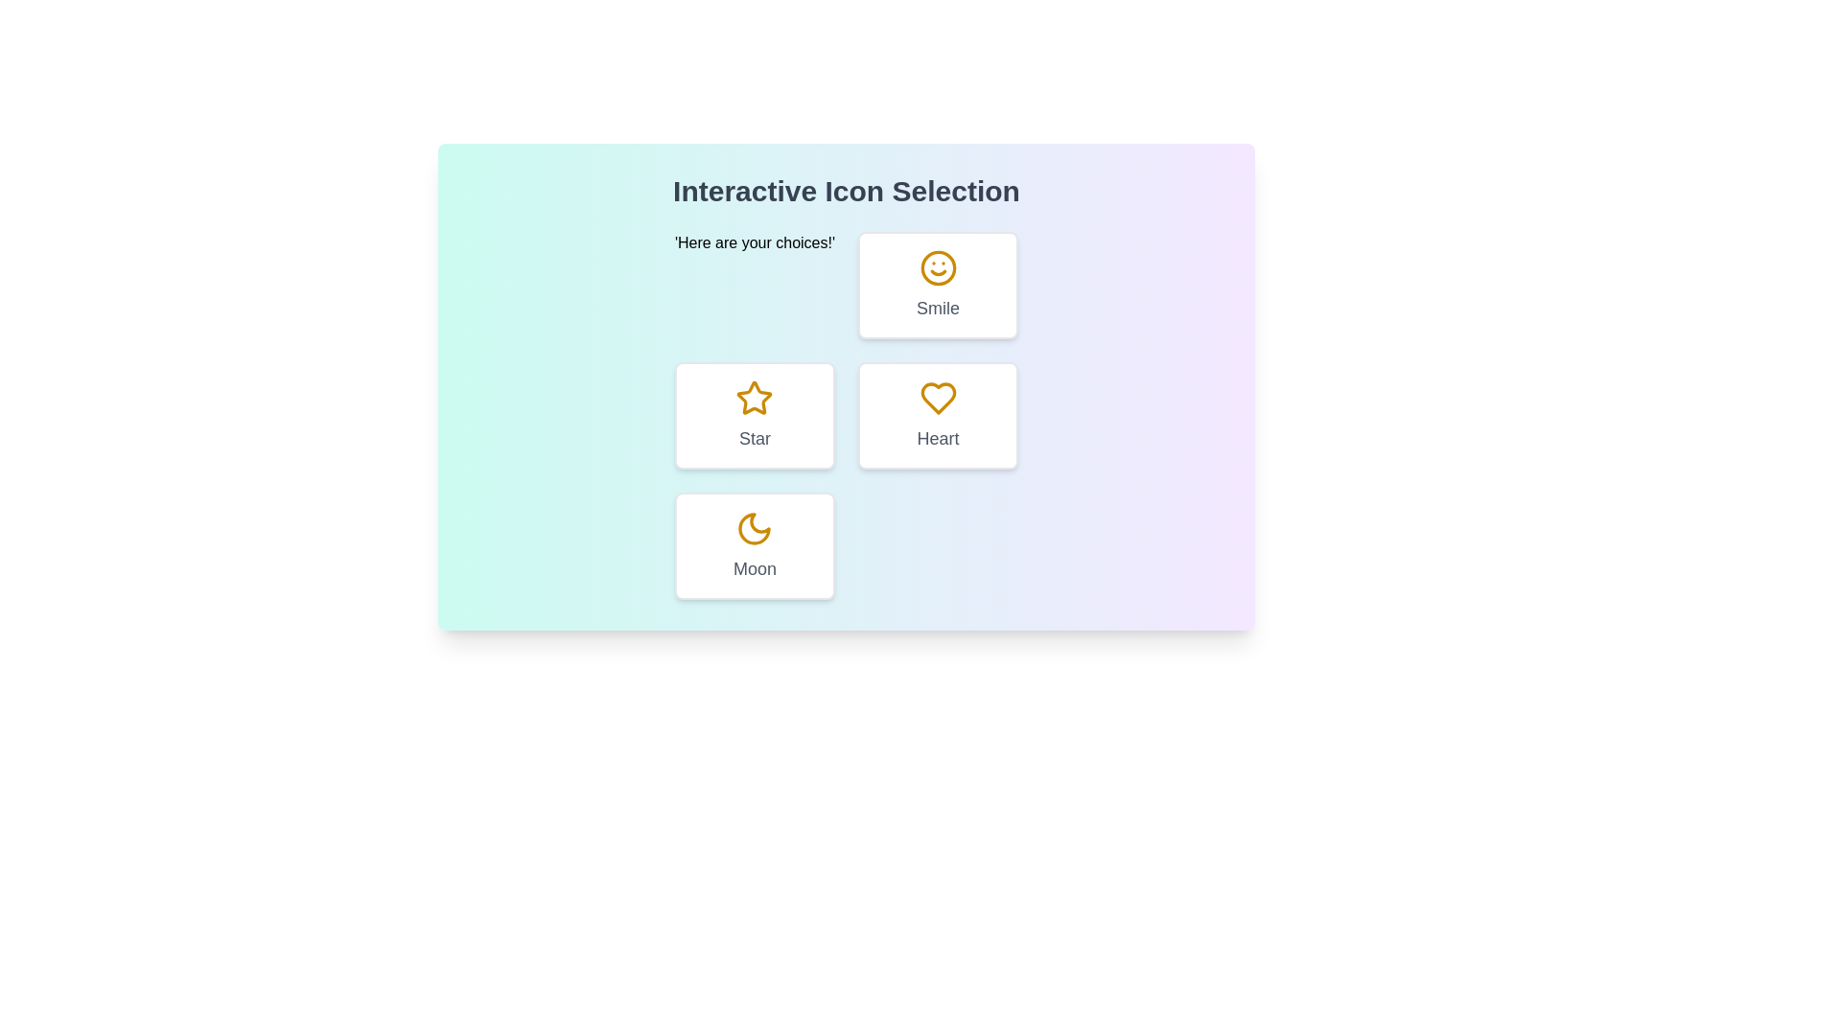 The width and height of the screenshot is (1841, 1035). I want to click on the heart-shaped icon with a yellow border located in the box labeled 'Heart', positioned at the center of the box, so click(938, 398).